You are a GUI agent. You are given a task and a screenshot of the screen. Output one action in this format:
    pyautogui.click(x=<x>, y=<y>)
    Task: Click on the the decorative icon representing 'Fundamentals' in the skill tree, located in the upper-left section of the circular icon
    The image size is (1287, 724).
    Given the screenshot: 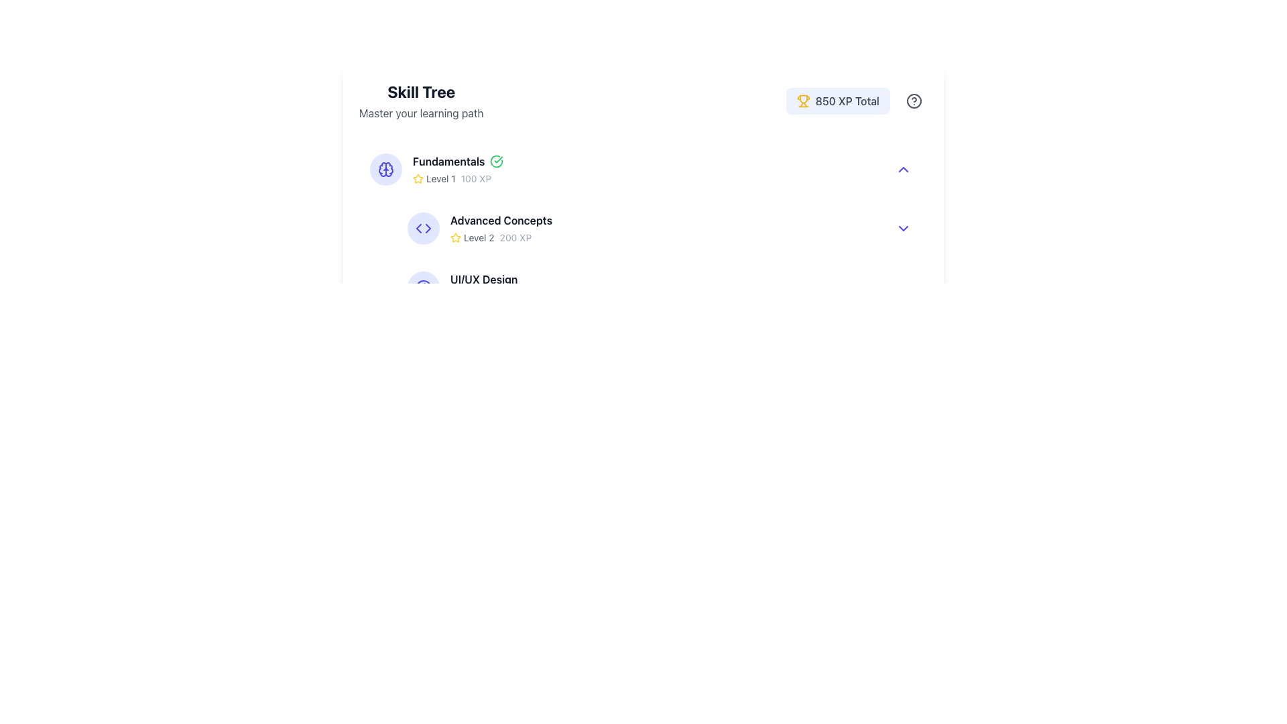 What is the action you would take?
    pyautogui.click(x=382, y=169)
    